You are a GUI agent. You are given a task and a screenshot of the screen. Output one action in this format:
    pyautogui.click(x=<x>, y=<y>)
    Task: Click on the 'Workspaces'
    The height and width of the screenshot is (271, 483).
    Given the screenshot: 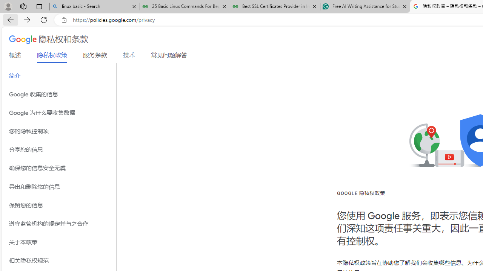 What is the action you would take?
    pyautogui.click(x=23, y=6)
    